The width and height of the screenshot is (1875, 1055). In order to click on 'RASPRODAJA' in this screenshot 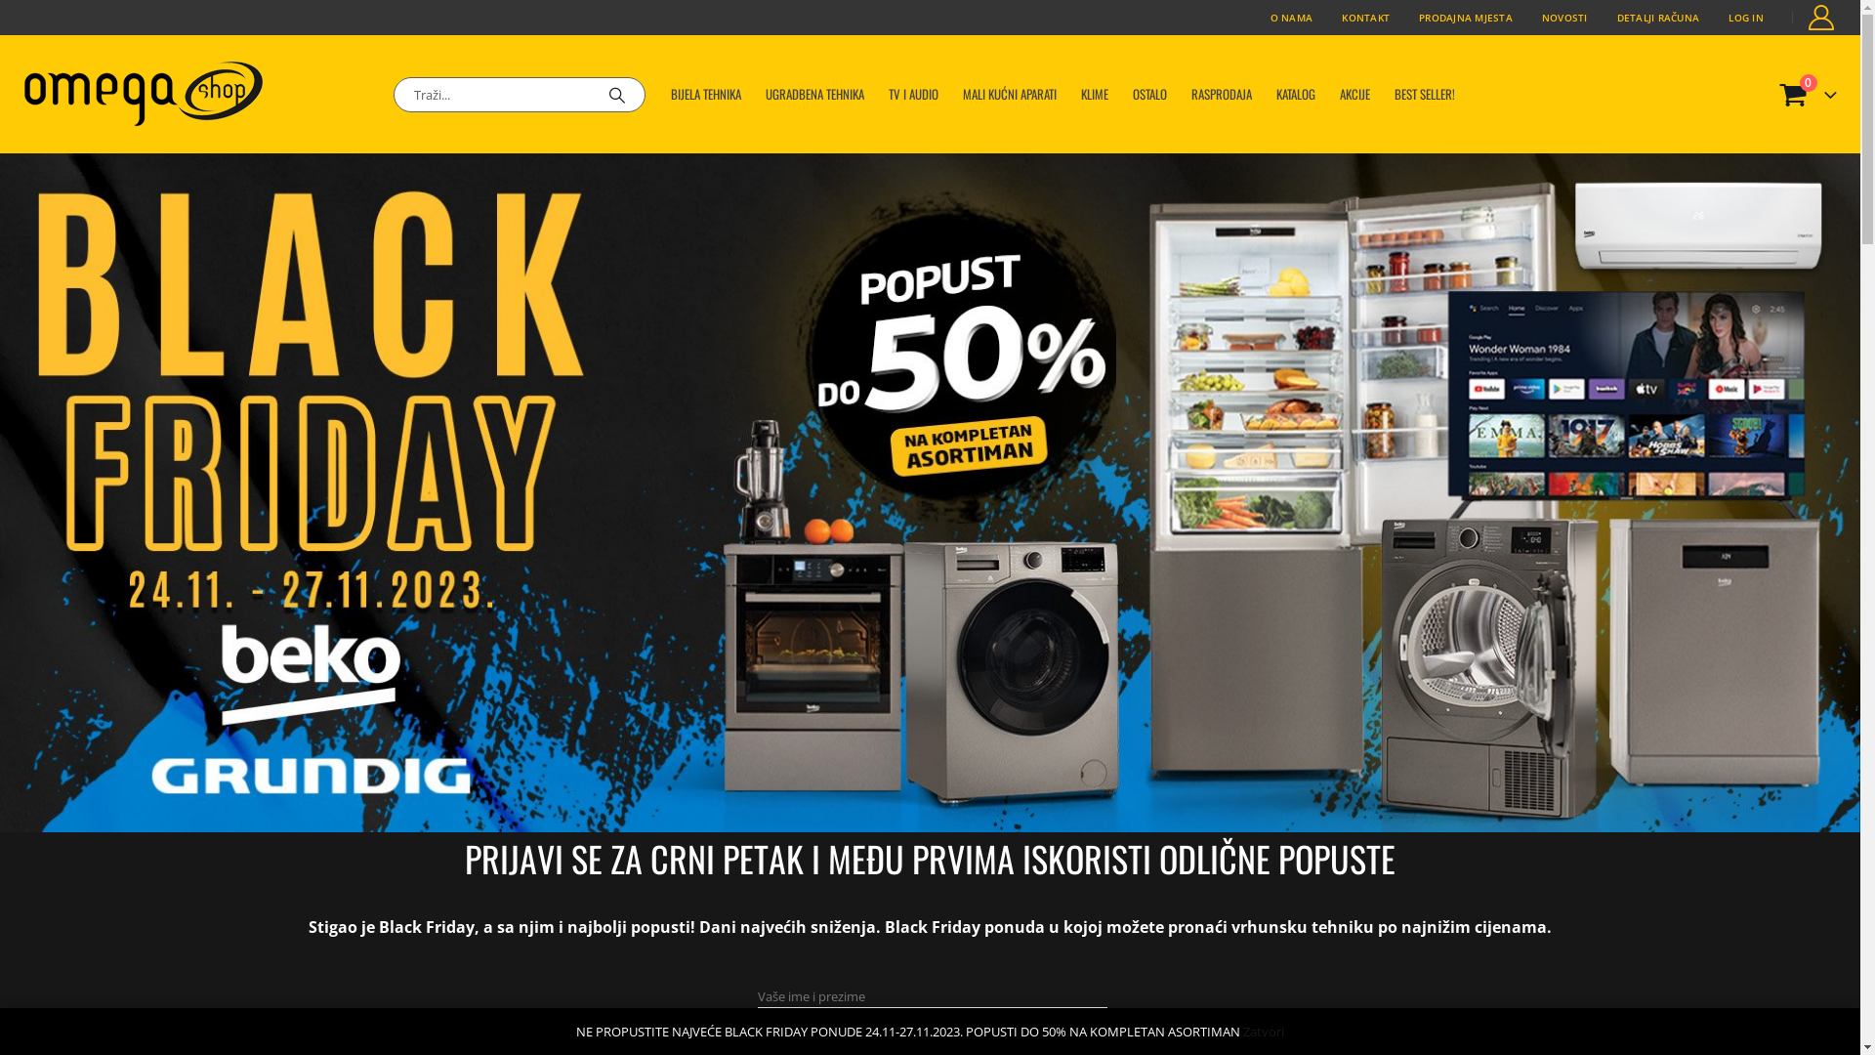, I will do `click(1221, 94)`.